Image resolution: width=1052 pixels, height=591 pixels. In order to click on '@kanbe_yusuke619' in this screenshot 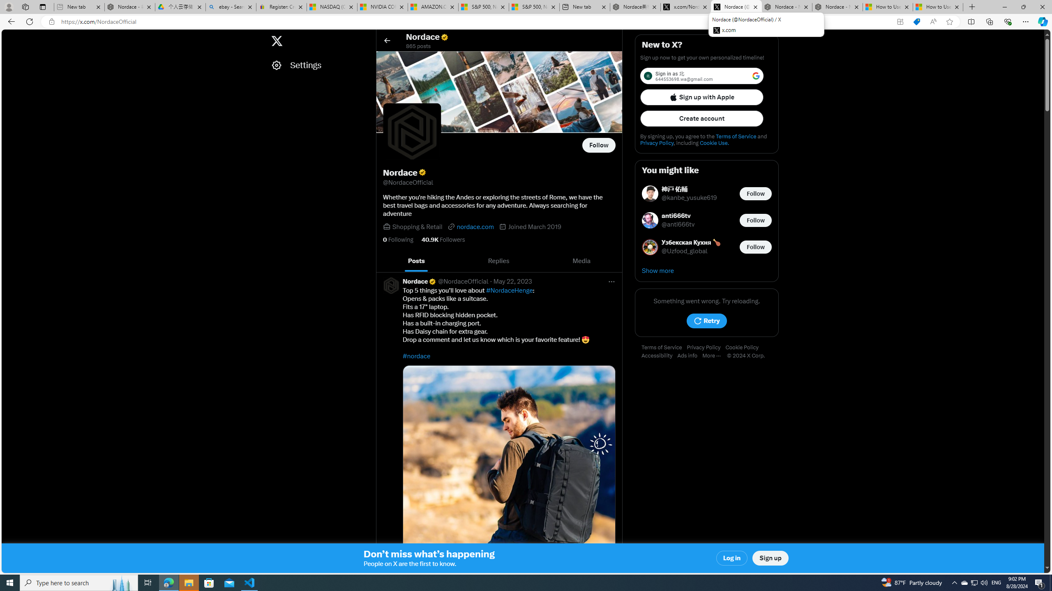, I will do `click(690, 198)`.